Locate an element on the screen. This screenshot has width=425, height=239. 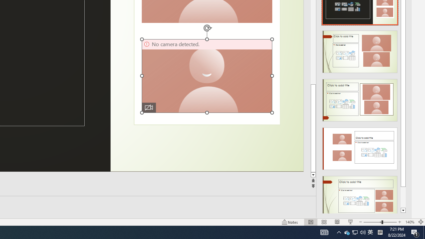
'Notes ' is located at coordinates (290, 222).